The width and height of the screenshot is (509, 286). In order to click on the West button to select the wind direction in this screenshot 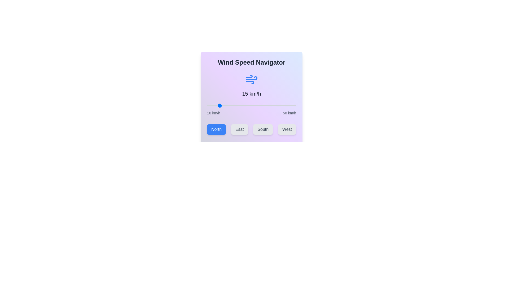, I will do `click(287, 129)`.